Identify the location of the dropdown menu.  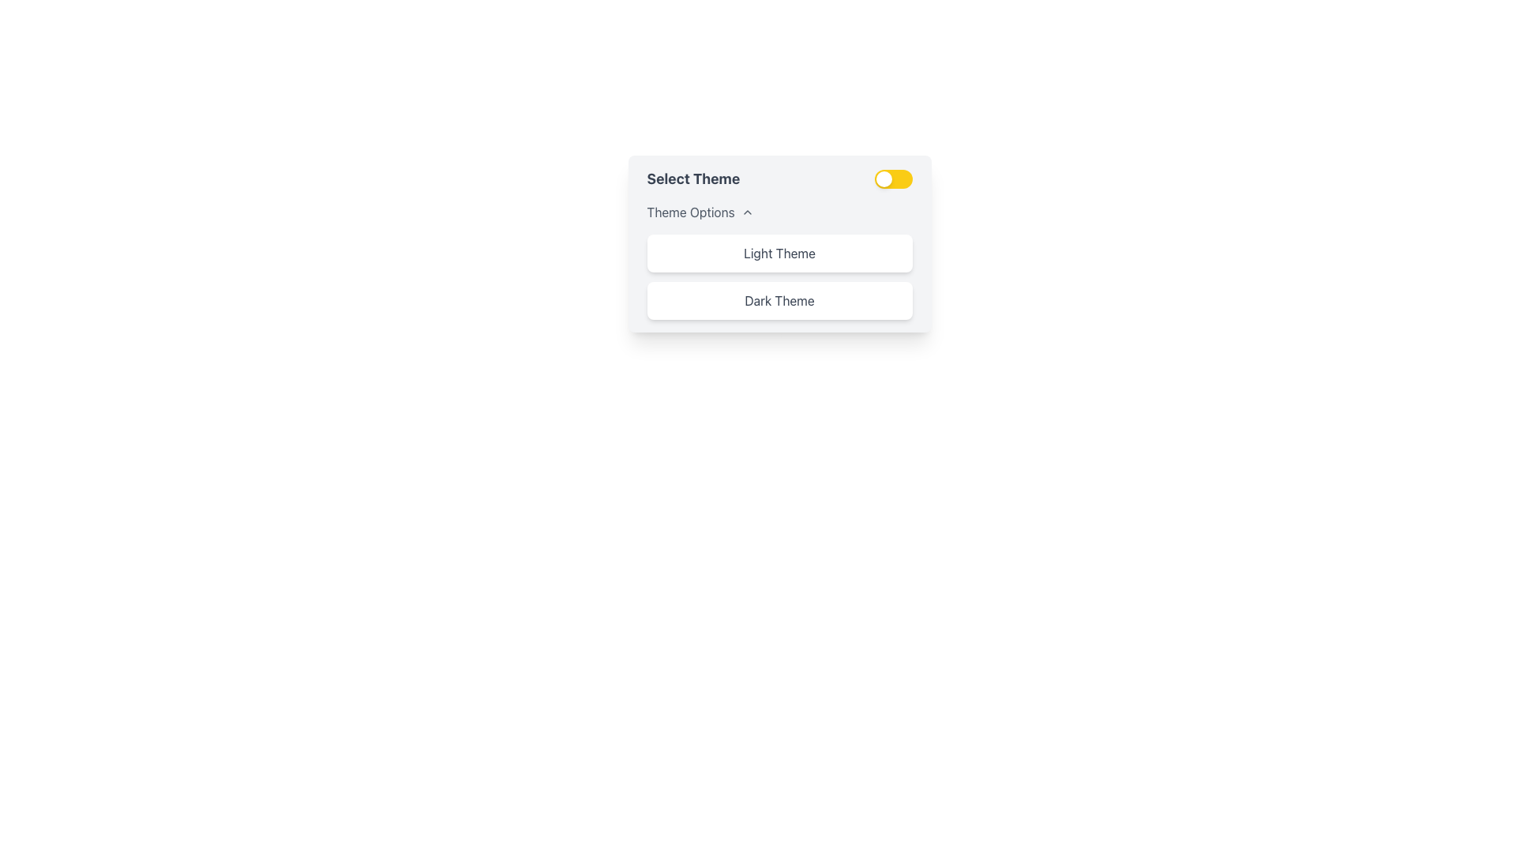
(779, 261).